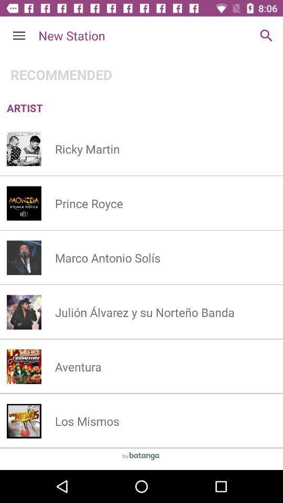 The height and width of the screenshot is (503, 283). I want to click on the icon next to new station item, so click(19, 36).